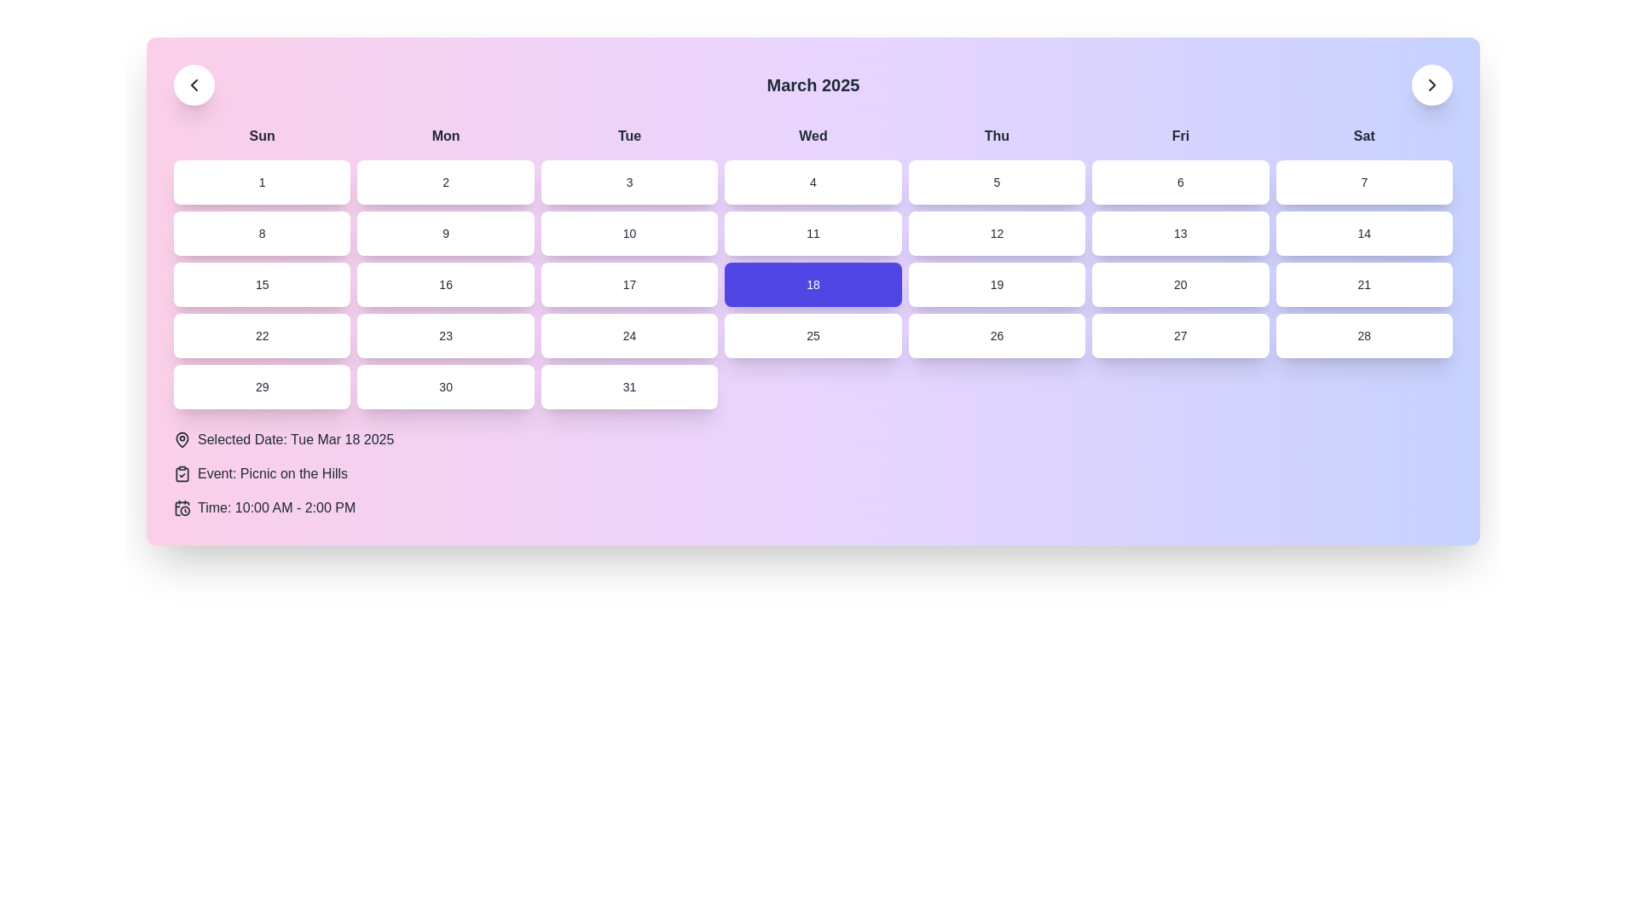 This screenshot has height=921, width=1637. Describe the element at coordinates (182, 507) in the screenshot. I see `the icon representing the event's time schedule, located near the bottom of the calendar interface, to the left of the event time text` at that location.